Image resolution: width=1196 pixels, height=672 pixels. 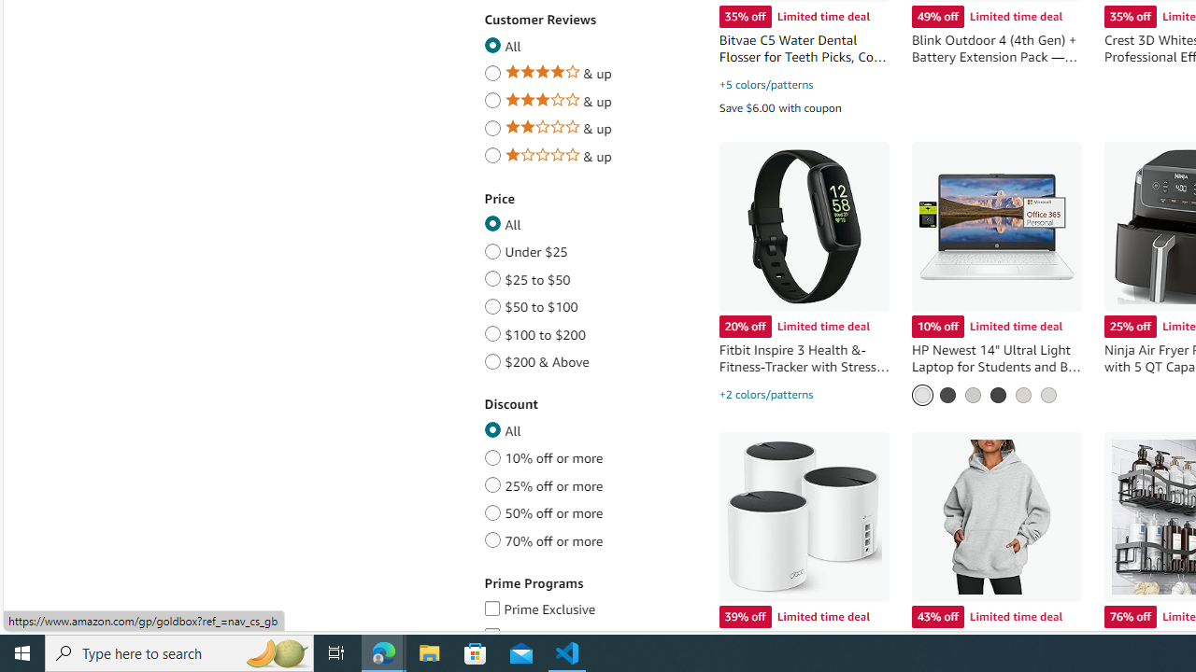 What do you see at coordinates (921, 394) in the screenshot?
I see `'Snowflake White'` at bounding box center [921, 394].